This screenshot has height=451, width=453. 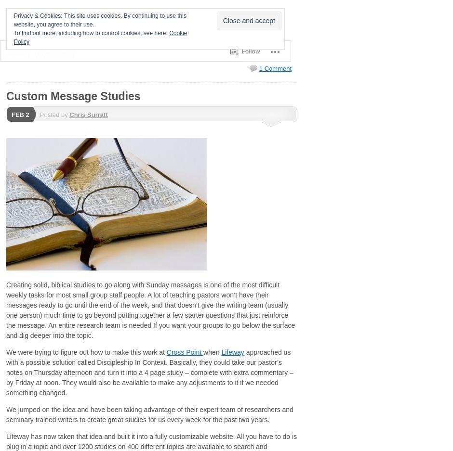 I want to click on 'Posted by', so click(x=54, y=114).